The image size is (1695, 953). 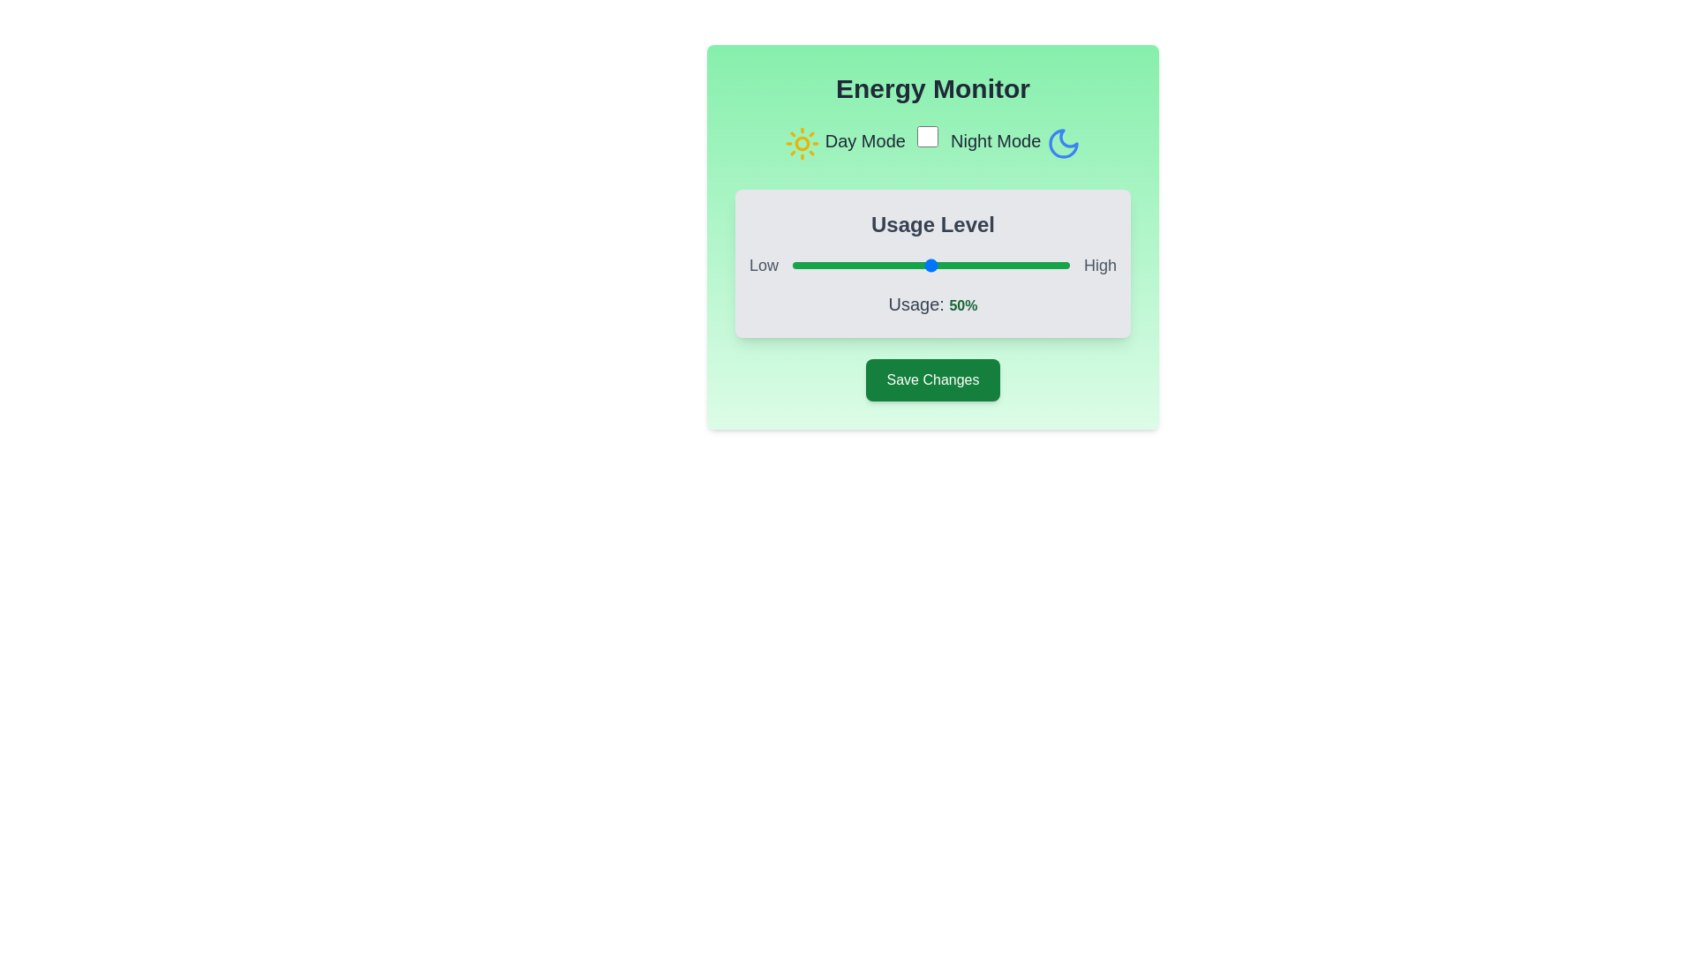 I want to click on the 'Night Mode' label, which is styled with a larger font size and dark gray color, located next to a checkbox and adjacent to a crescent moon icon, so click(x=996, y=140).